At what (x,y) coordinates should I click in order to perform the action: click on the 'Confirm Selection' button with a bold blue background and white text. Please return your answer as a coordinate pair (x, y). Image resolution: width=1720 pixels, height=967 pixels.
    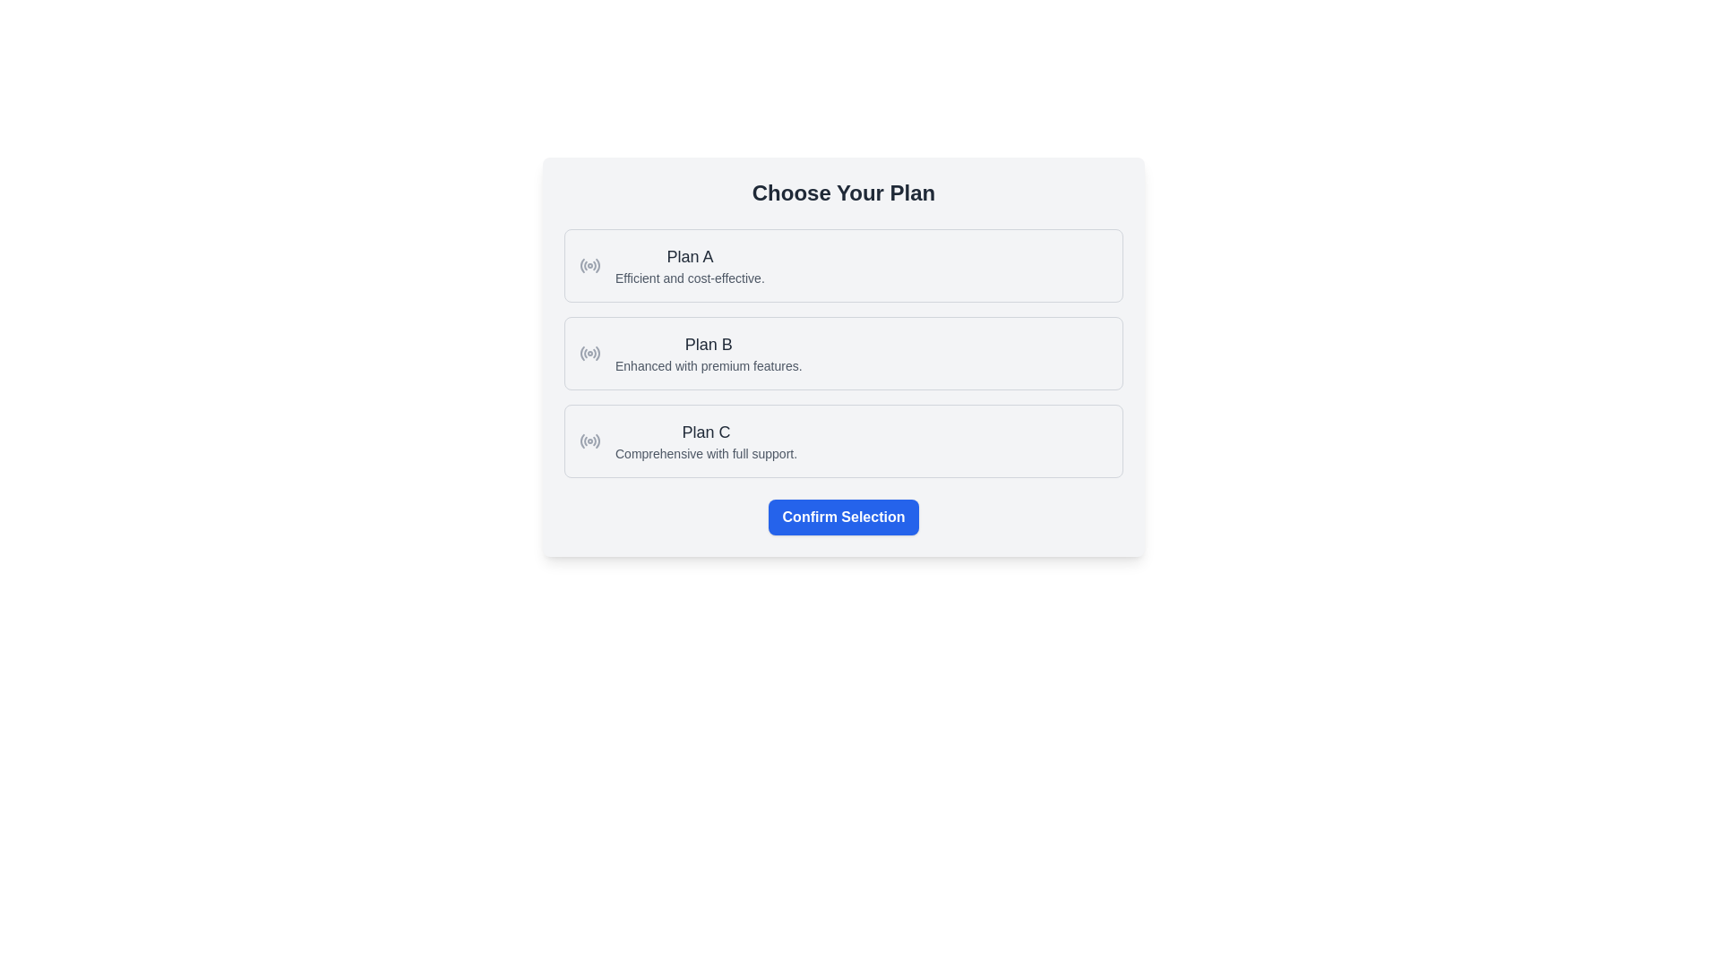
    Looking at the image, I should click on (842, 518).